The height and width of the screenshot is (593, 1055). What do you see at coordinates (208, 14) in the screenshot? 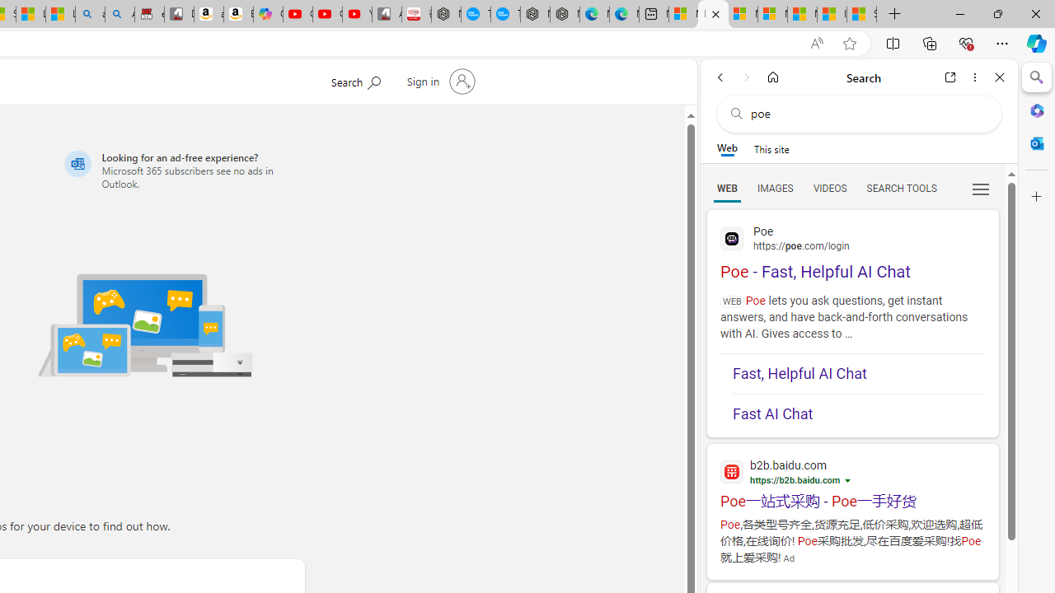
I see `'amazon.in/dp/B0CX59H5W7/?tag=gsmcom05-21'` at bounding box center [208, 14].